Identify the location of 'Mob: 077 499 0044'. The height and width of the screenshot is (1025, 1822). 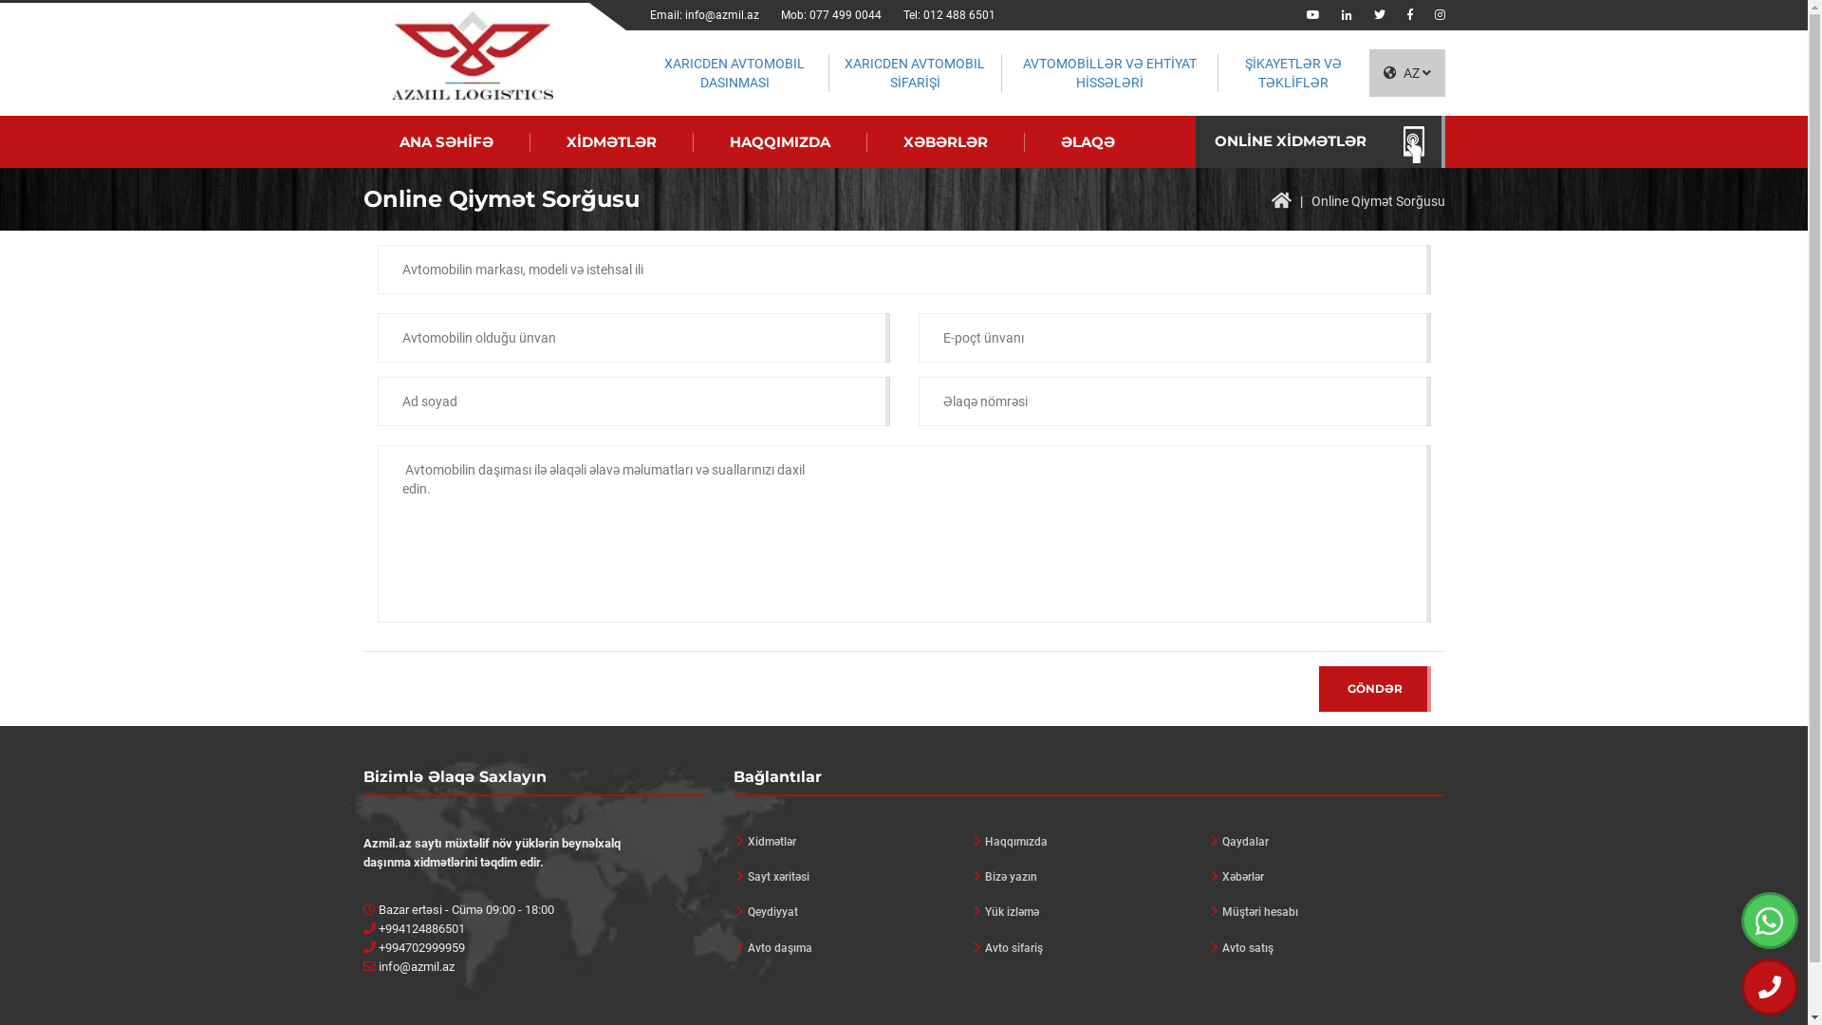
(830, 15).